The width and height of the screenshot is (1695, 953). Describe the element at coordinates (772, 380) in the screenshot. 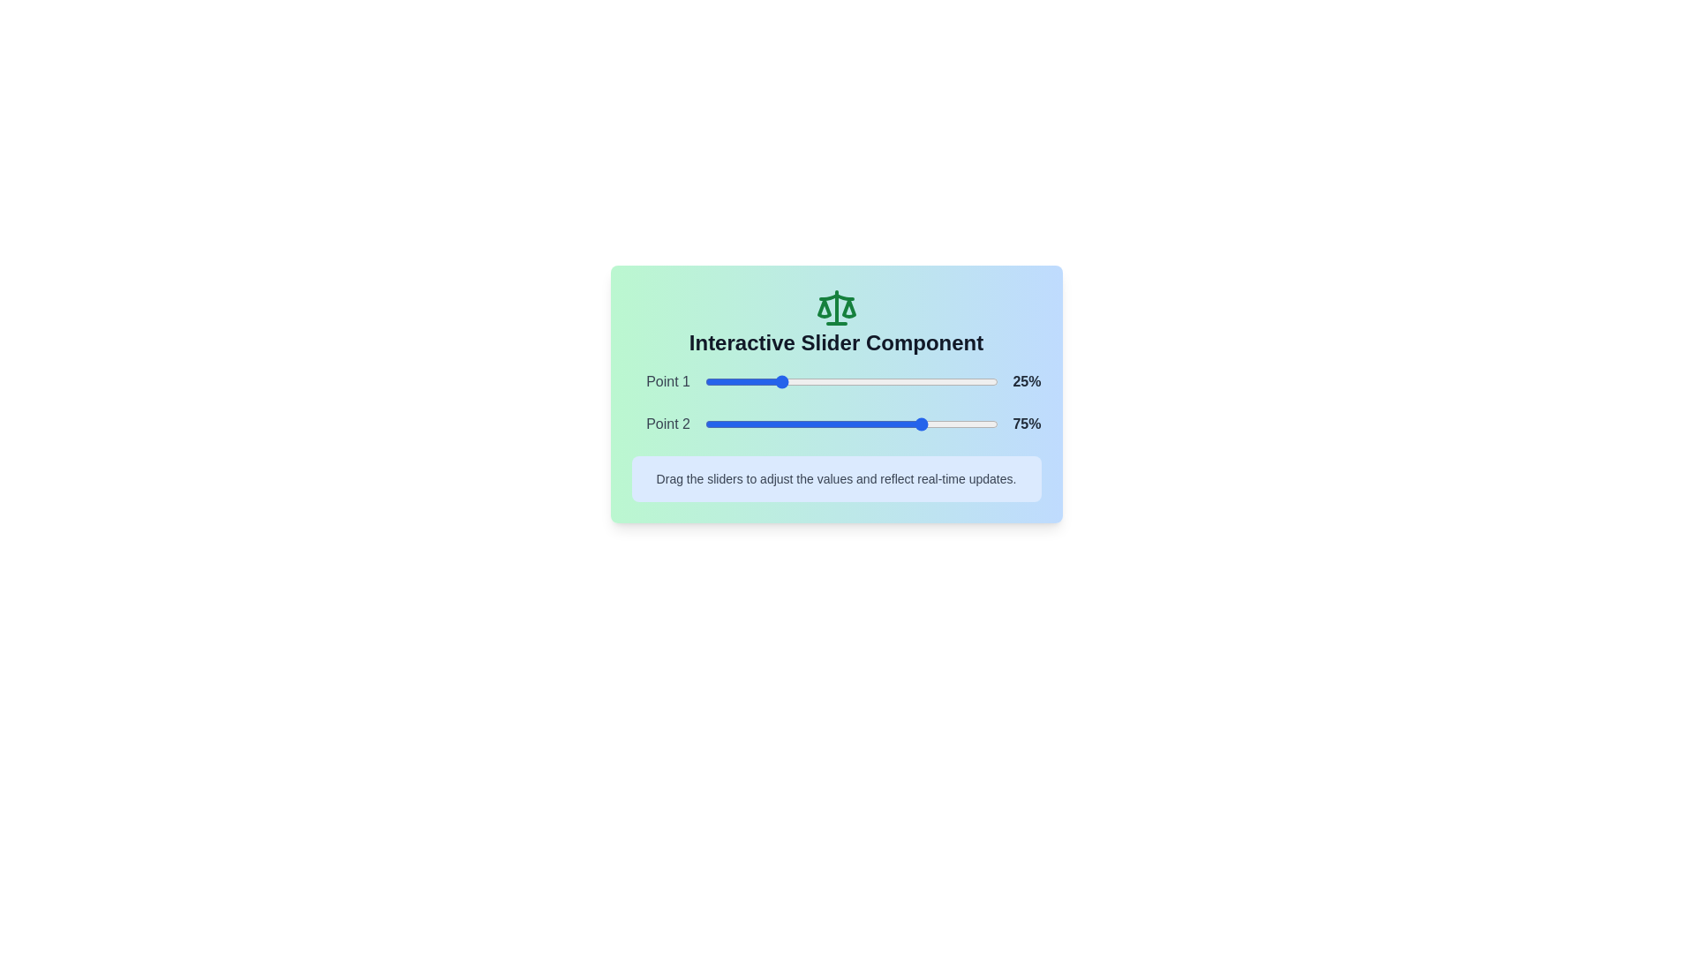

I see `the slider to set its value to 23%` at that location.